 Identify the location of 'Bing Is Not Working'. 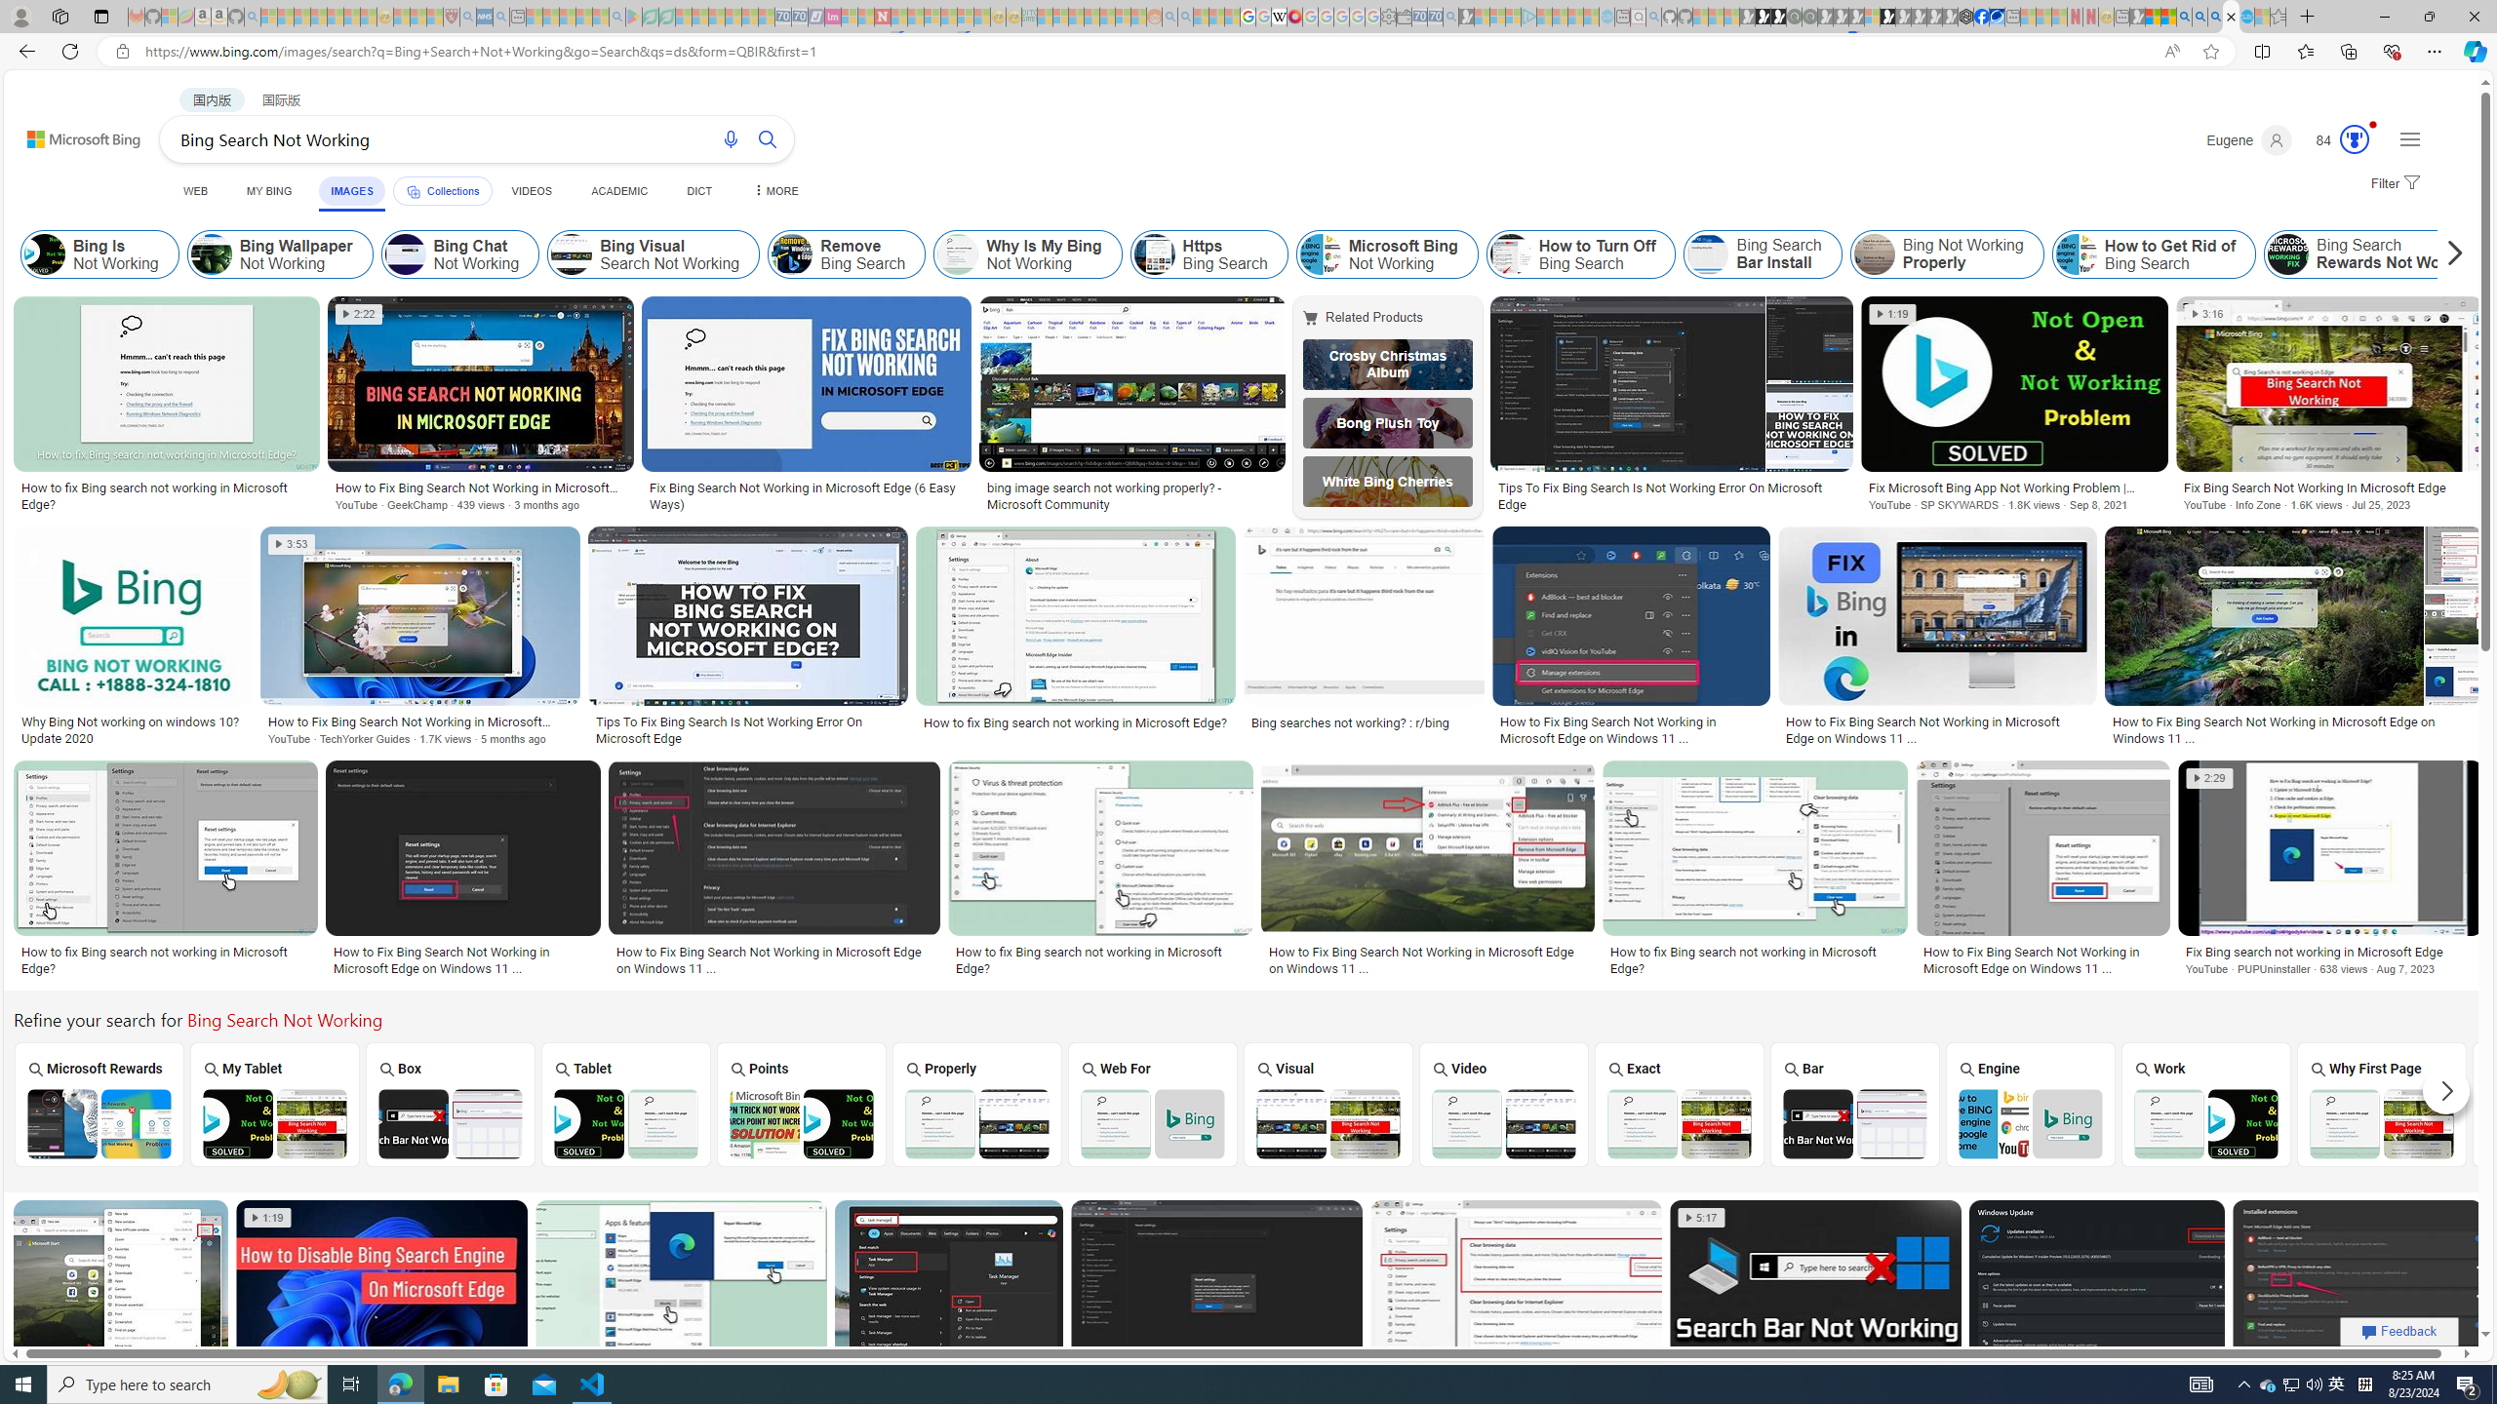
(99, 253).